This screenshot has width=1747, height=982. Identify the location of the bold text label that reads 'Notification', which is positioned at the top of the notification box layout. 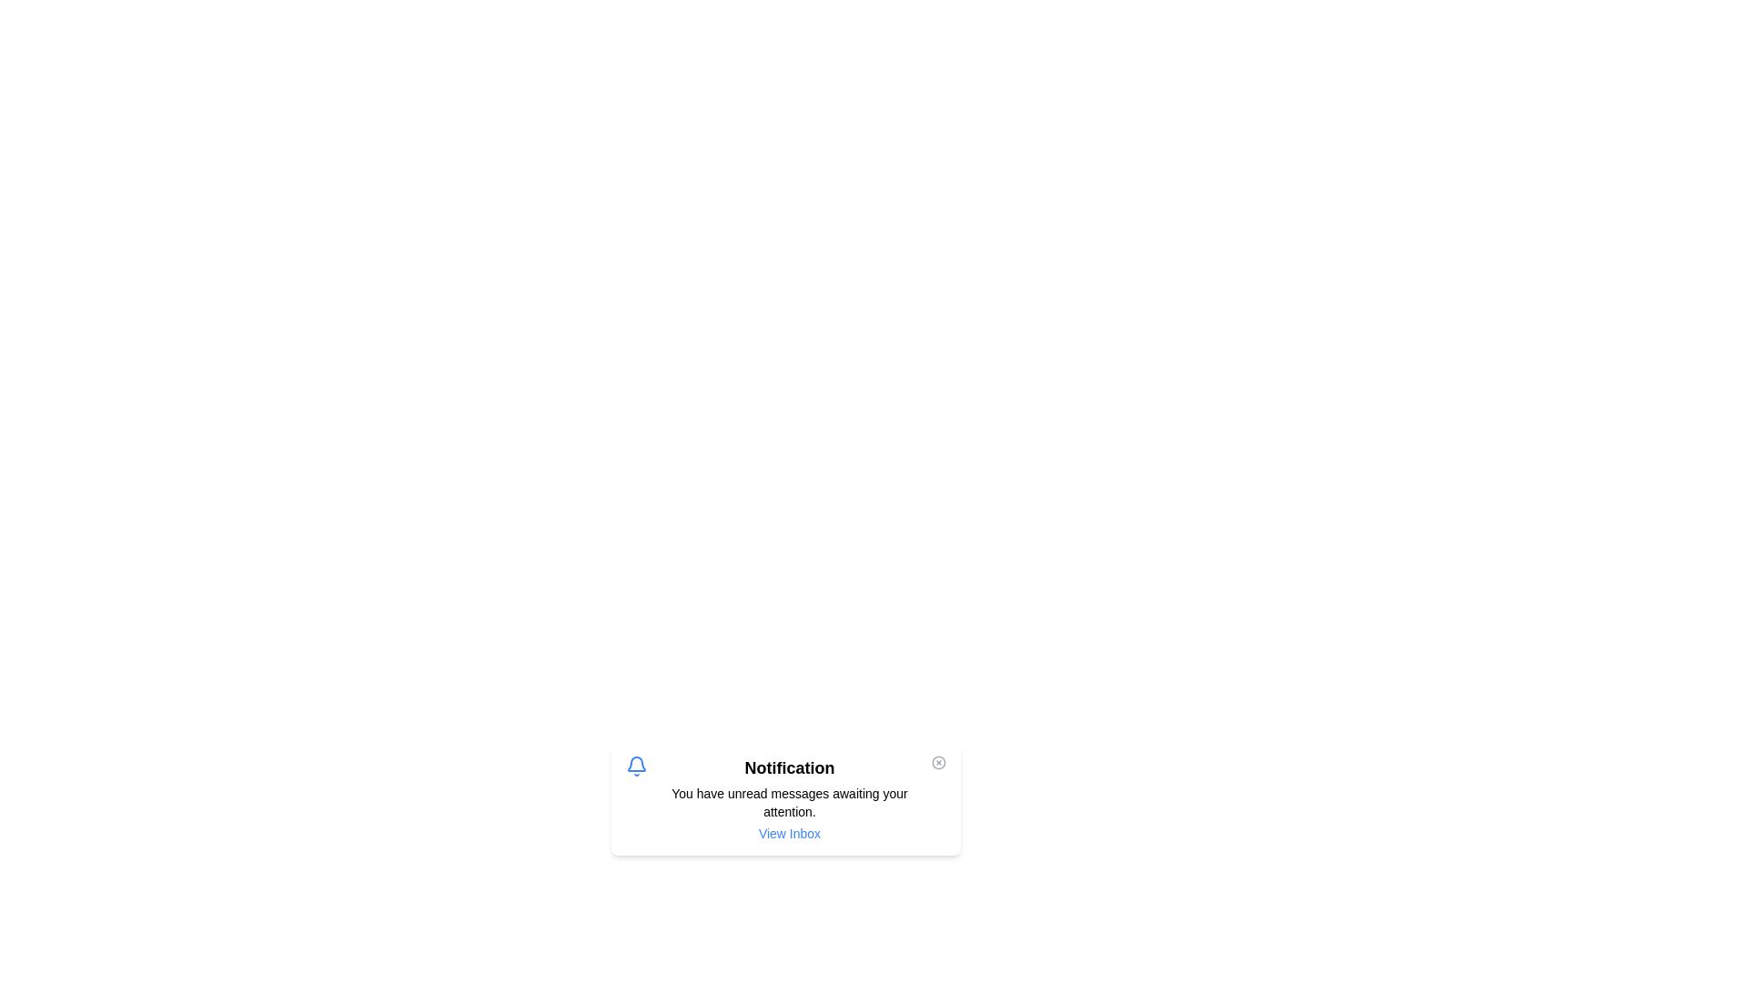
(790, 767).